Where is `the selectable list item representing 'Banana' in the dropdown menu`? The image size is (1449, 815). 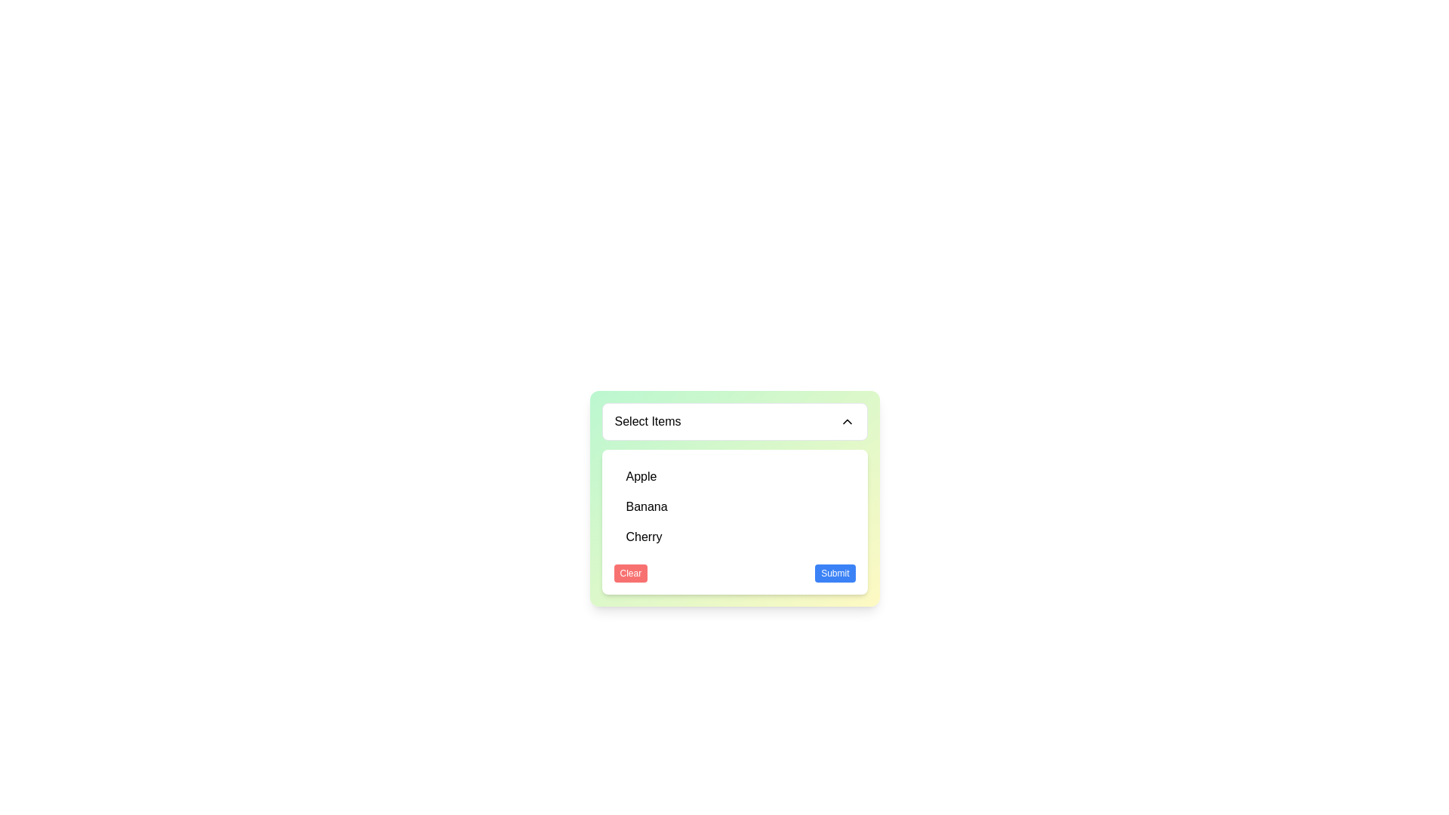
the selectable list item representing 'Banana' in the dropdown menu is located at coordinates (734, 506).